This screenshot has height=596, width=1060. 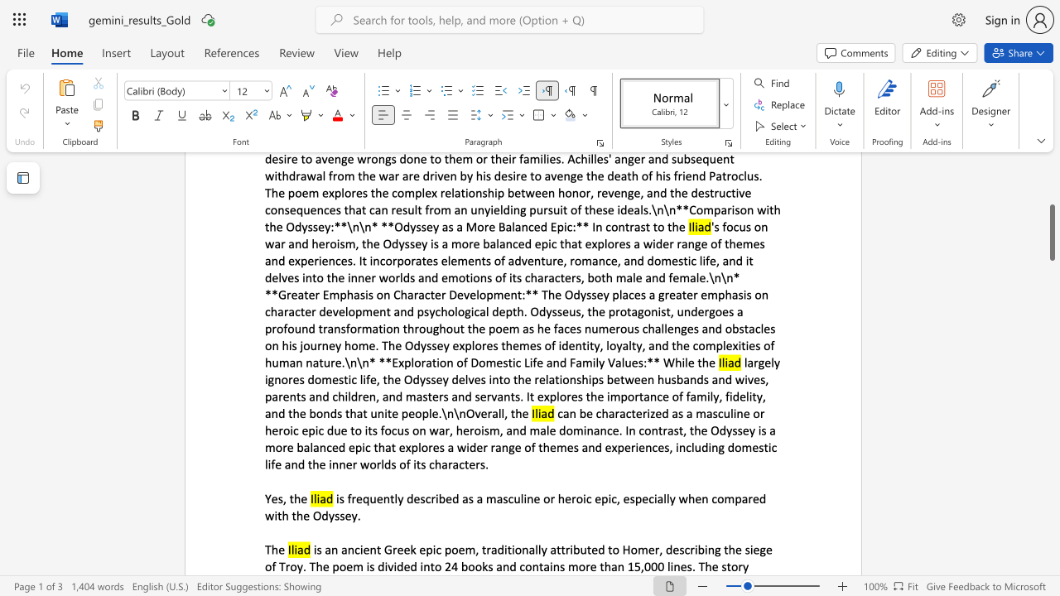 What do you see at coordinates (1051, 233) in the screenshot?
I see `the scrollbar and move up 210 pixels` at bounding box center [1051, 233].